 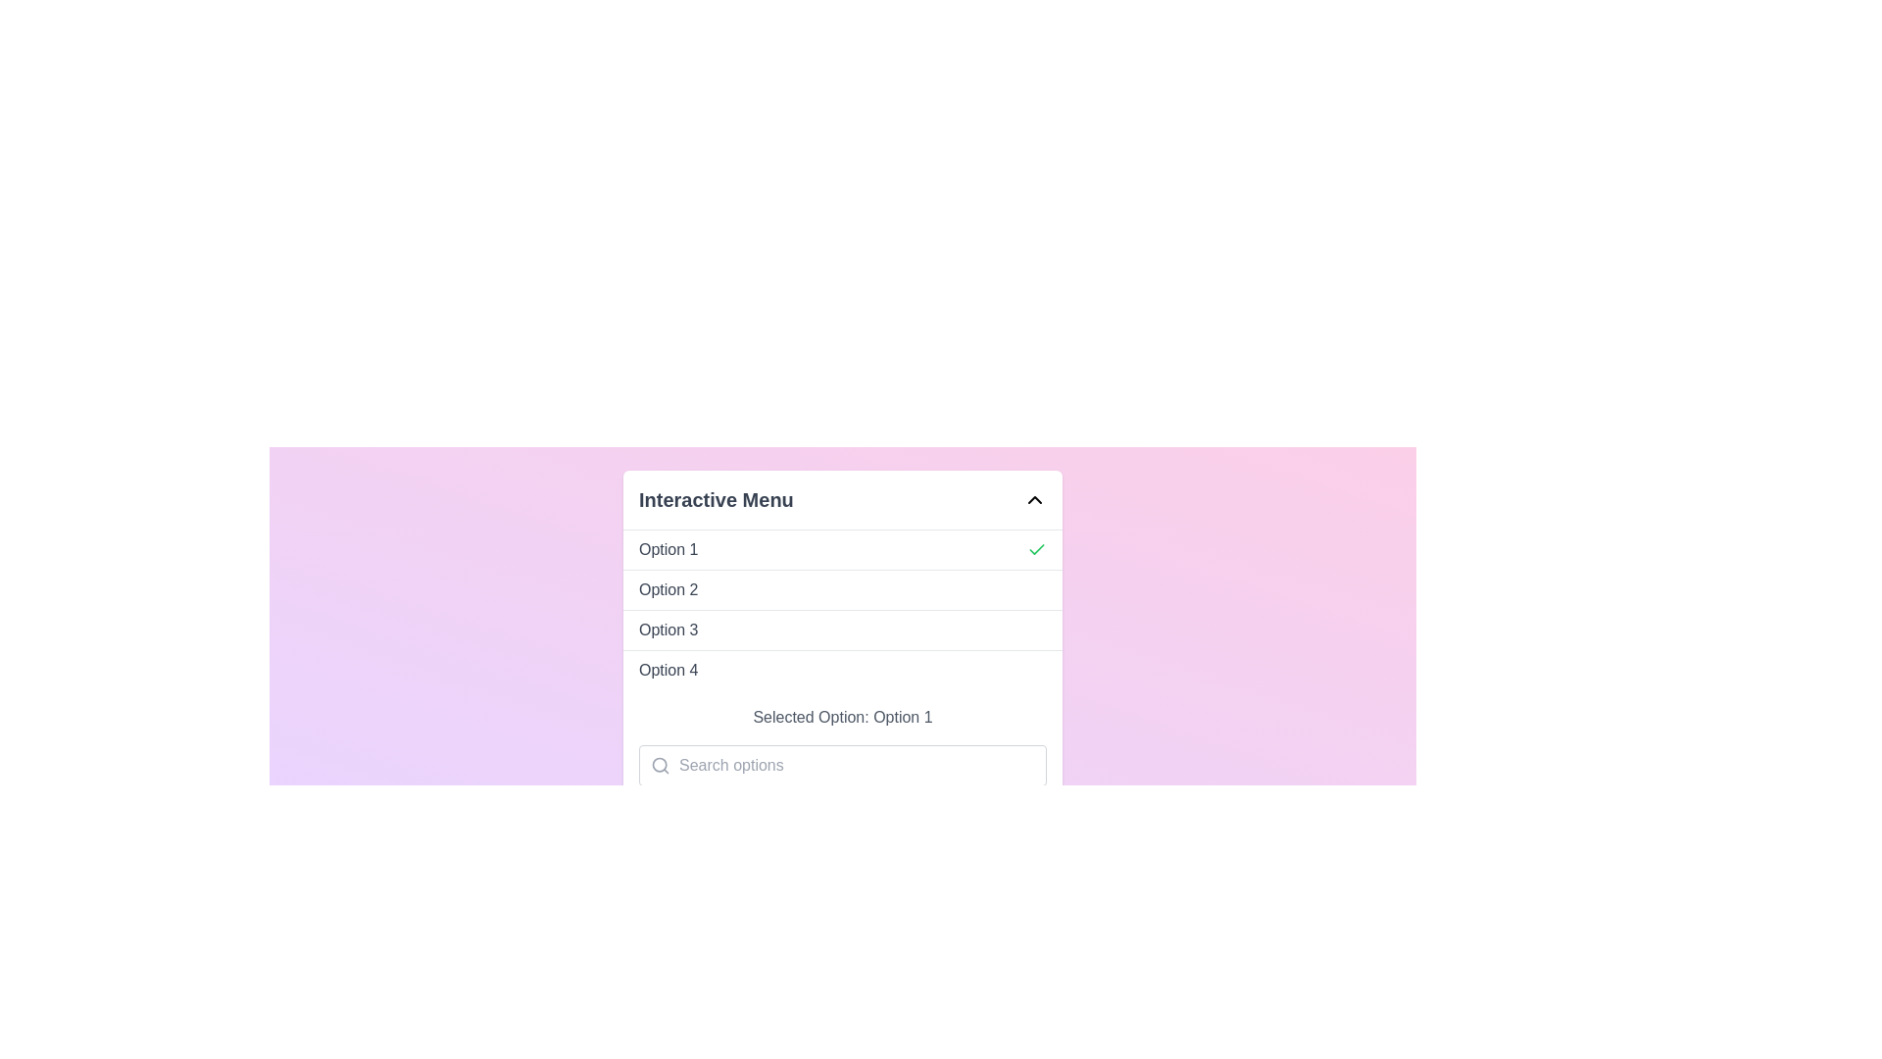 What do you see at coordinates (842, 668) in the screenshot?
I see `the 'Option 4' menu item in the vertical dropdown menu` at bounding box center [842, 668].